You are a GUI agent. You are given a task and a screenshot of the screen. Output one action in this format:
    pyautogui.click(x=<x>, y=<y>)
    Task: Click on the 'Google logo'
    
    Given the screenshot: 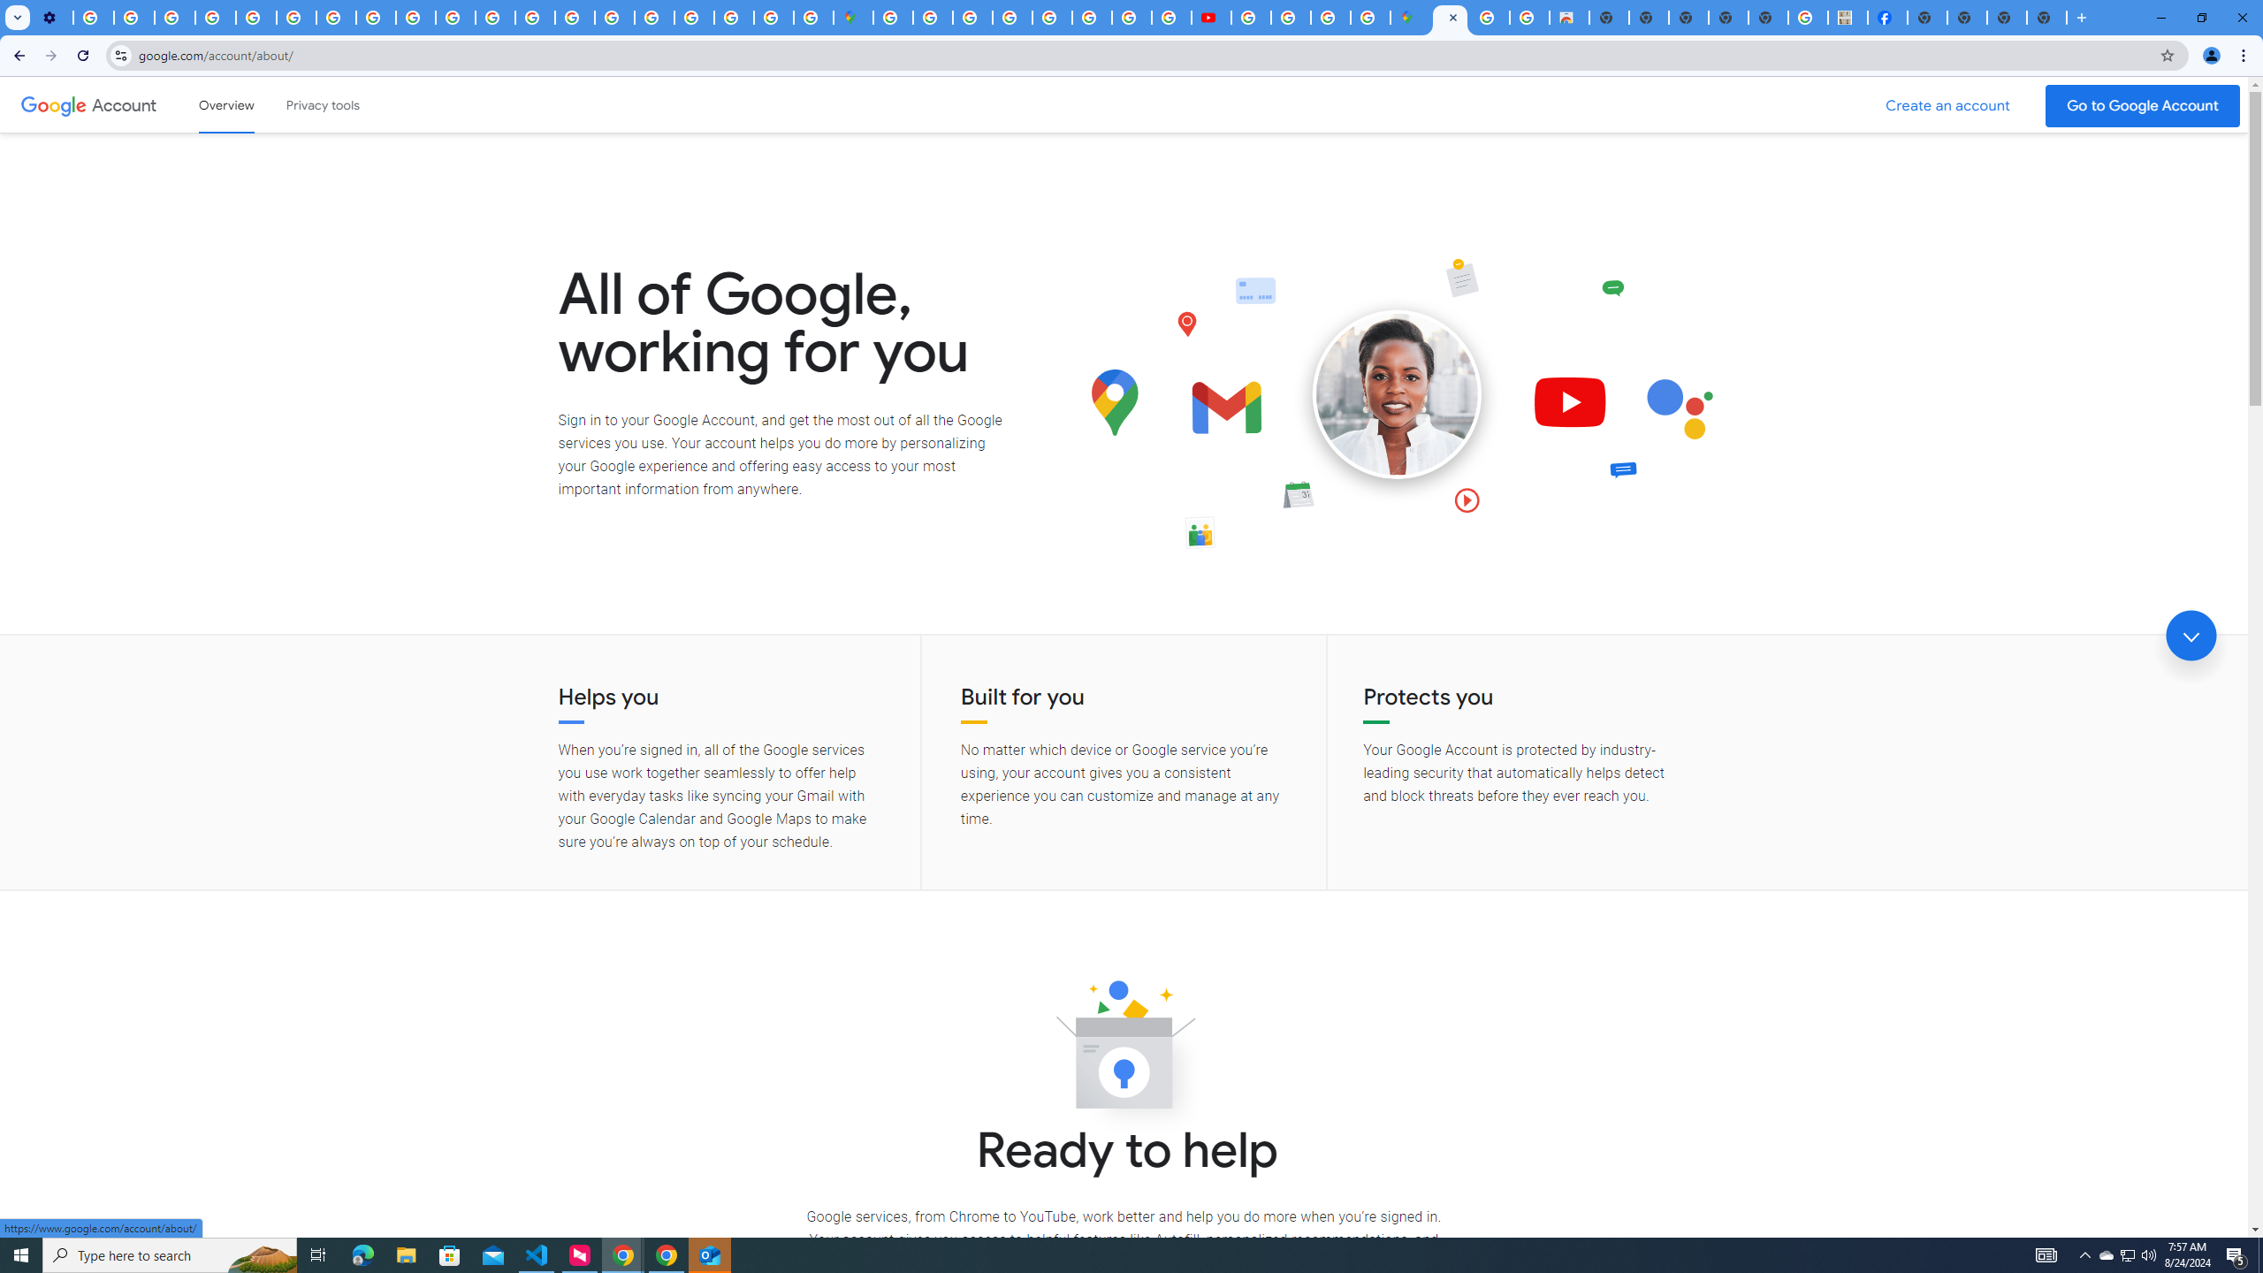 What is the action you would take?
    pyautogui.click(x=53, y=104)
    